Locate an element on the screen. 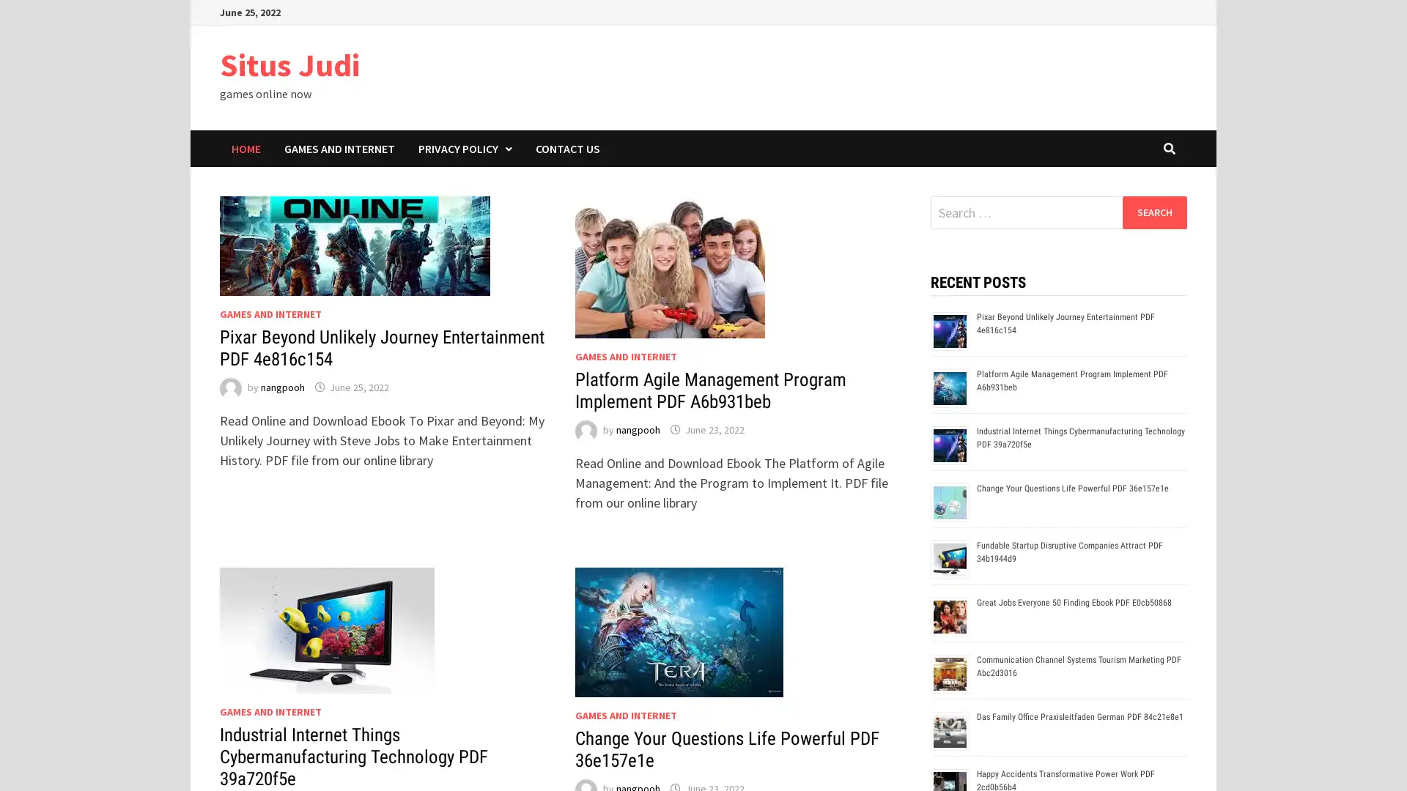 Image resolution: width=1407 pixels, height=791 pixels. Search is located at coordinates (1153, 212).